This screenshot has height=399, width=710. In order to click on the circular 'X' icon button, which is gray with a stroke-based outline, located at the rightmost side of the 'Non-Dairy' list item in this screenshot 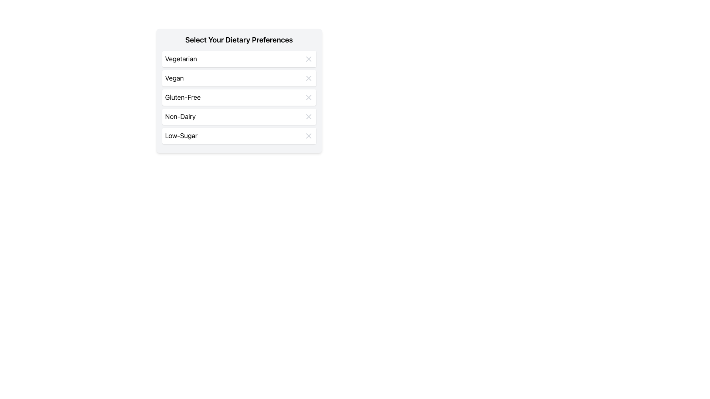, I will do `click(308, 116)`.